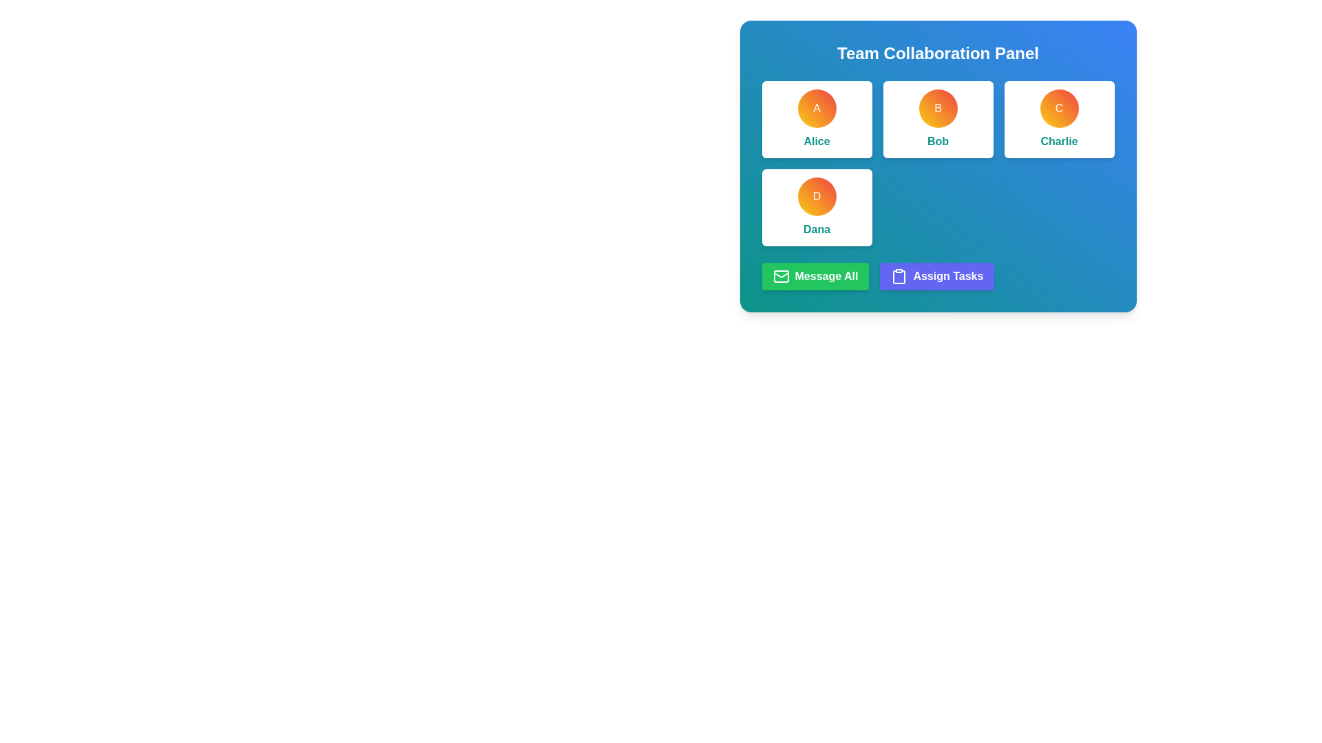 The height and width of the screenshot is (743, 1322). What do you see at coordinates (817, 196) in the screenshot?
I see `the graphical label representing 'Dana' within the blue 'Team Collaboration Panel'` at bounding box center [817, 196].